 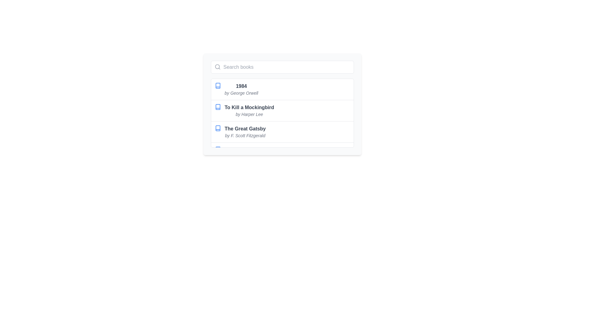 I want to click on the selectable option for 'The Great Gatsby' in the list of book options, so click(x=282, y=131).